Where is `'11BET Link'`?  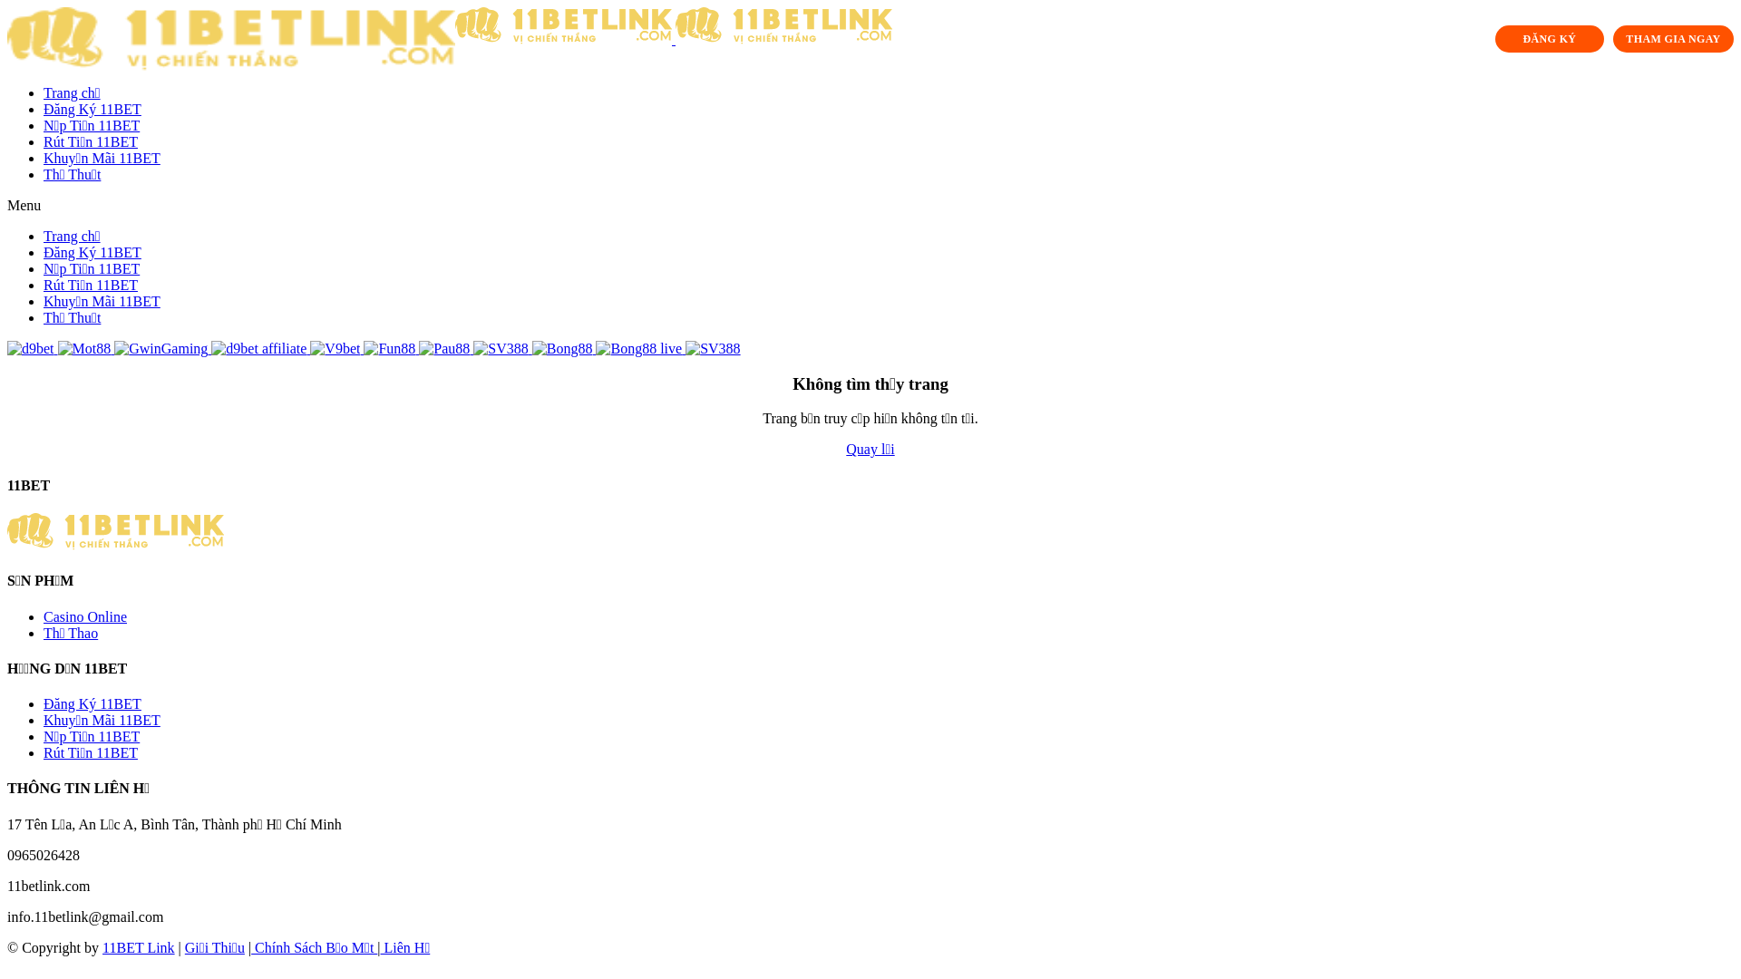 '11BET Link' is located at coordinates (138, 946).